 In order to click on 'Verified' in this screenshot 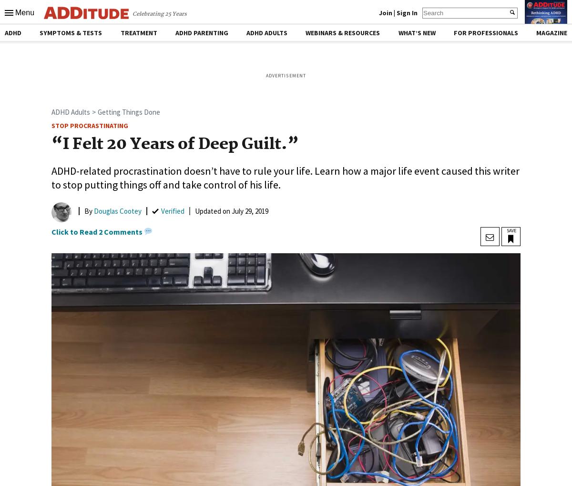, I will do `click(173, 210)`.